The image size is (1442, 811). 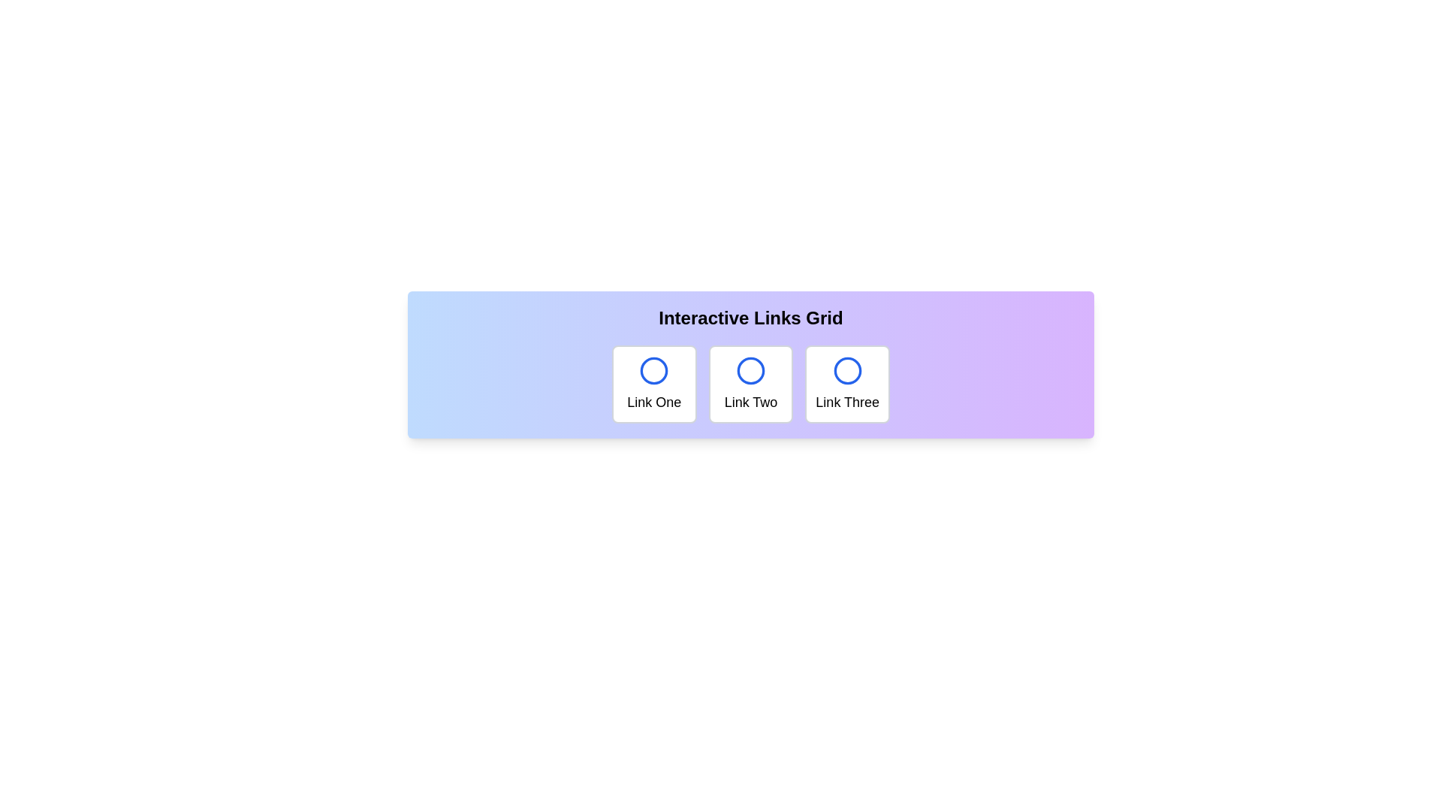 What do you see at coordinates (750, 365) in the screenshot?
I see `the Interactive link button labeled 'Link Two' with a circular blue icon` at bounding box center [750, 365].